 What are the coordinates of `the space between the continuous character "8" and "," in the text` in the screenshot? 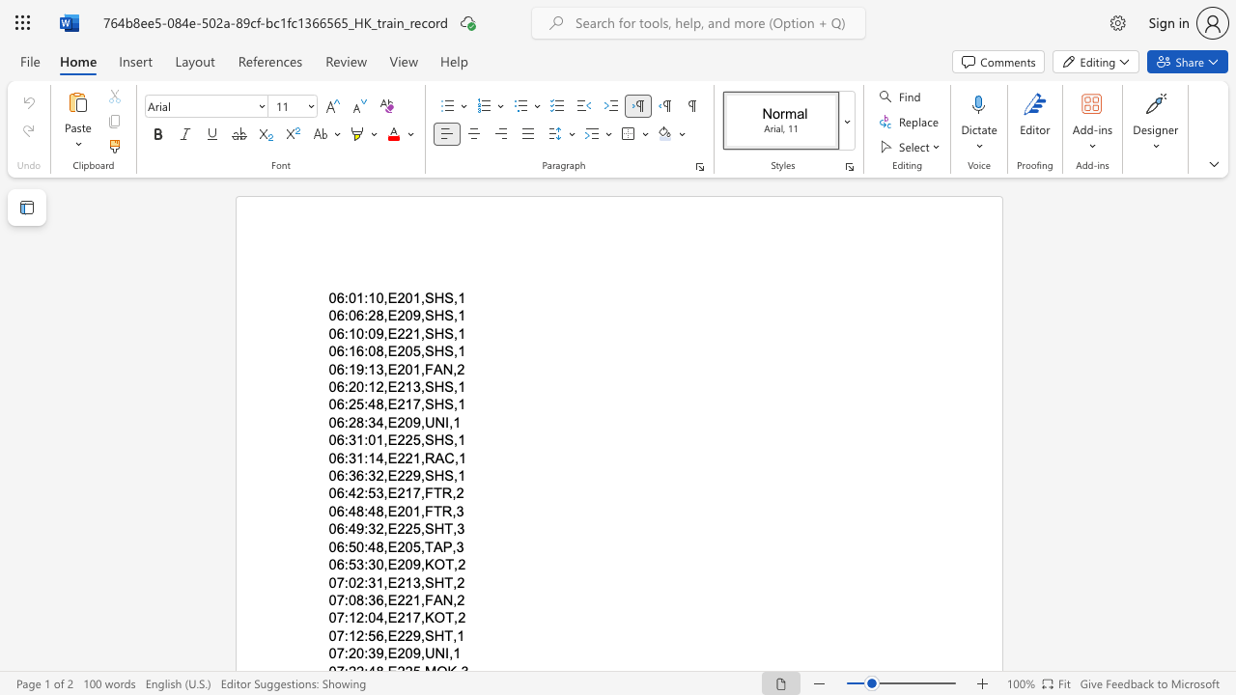 It's located at (382, 546).